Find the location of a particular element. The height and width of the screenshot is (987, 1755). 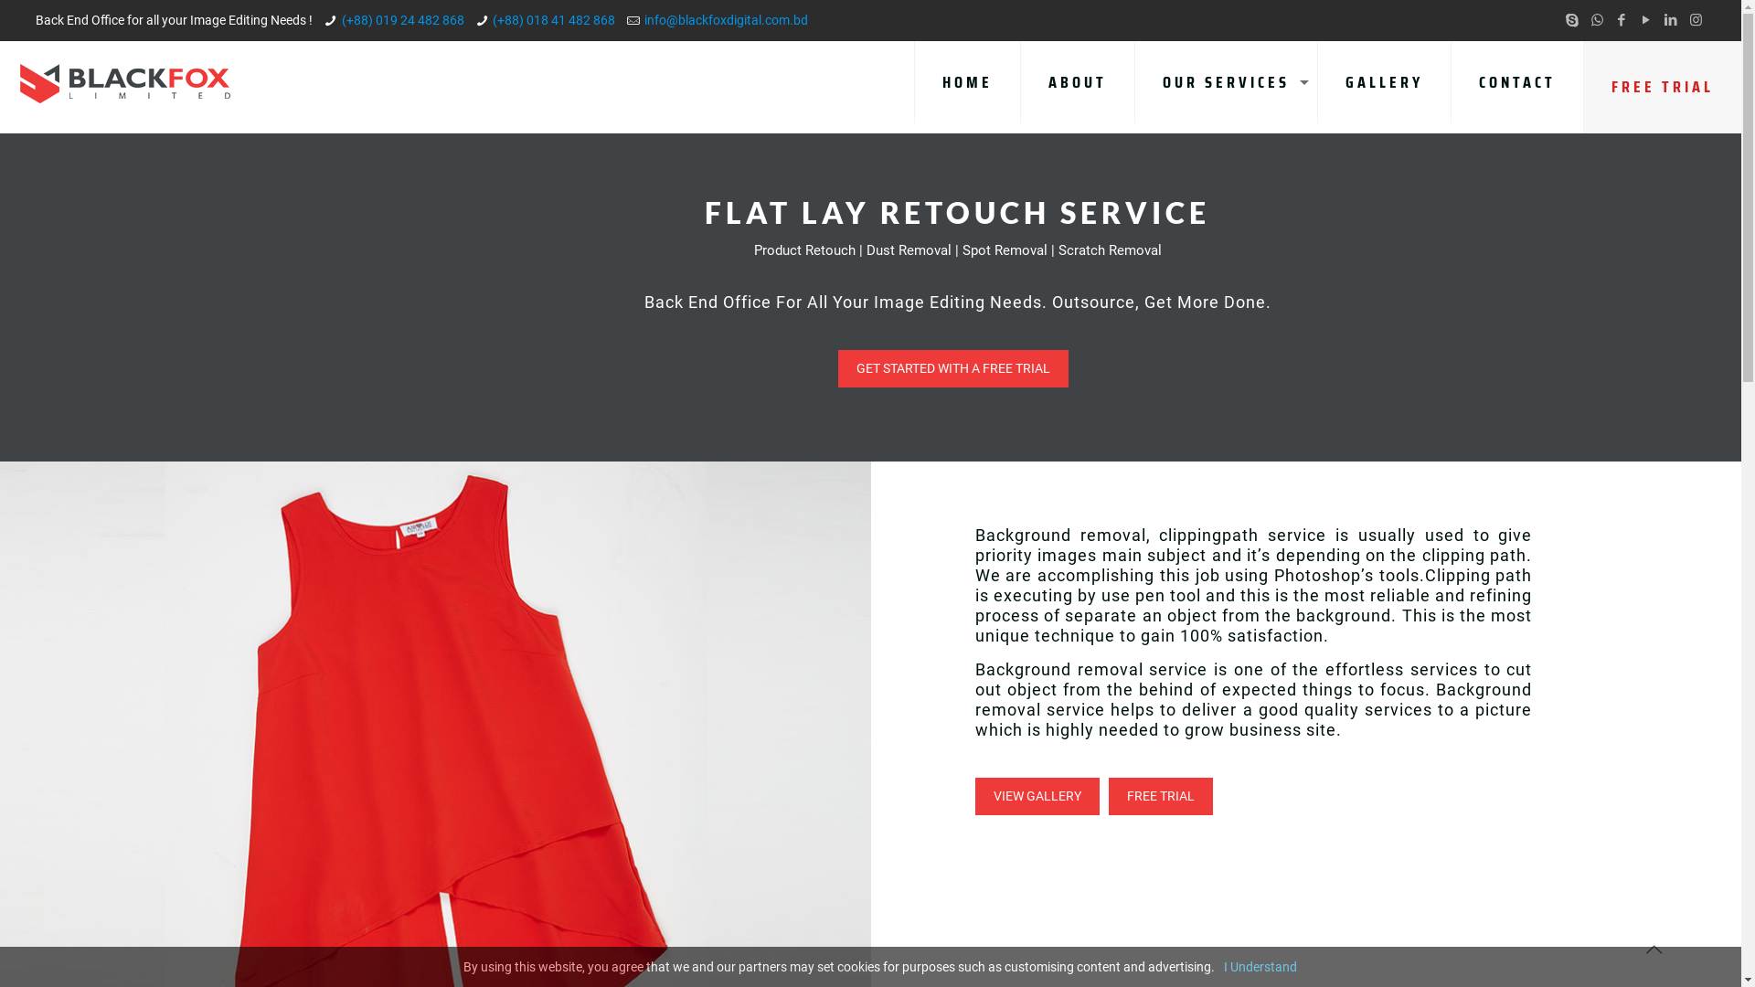

'Facebook' is located at coordinates (1622, 20).